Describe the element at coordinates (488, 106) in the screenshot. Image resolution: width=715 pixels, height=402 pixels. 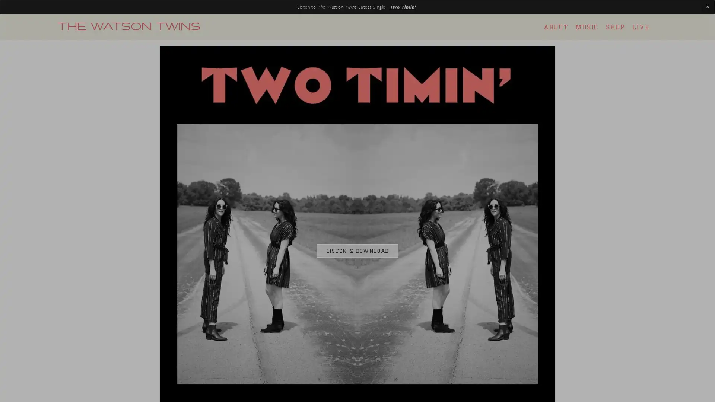
I see `Close` at that location.